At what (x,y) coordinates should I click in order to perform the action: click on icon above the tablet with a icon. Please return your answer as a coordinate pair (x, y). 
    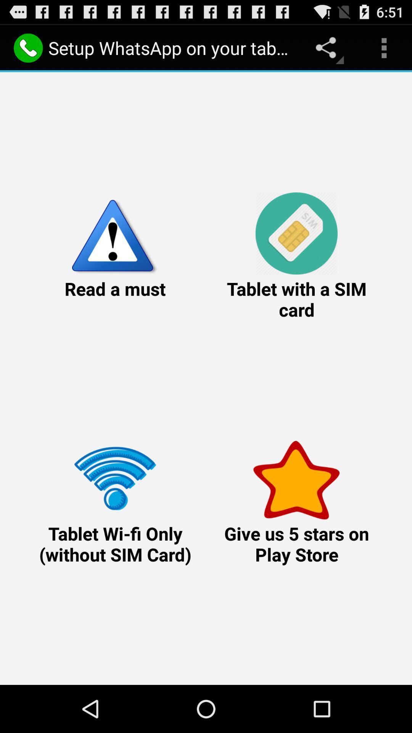
    Looking at the image, I should click on (384, 47).